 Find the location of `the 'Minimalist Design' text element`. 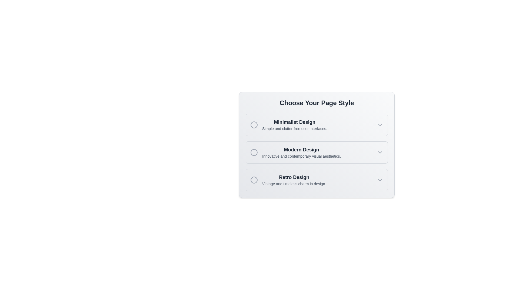

the 'Minimalist Design' text element is located at coordinates (294, 125).